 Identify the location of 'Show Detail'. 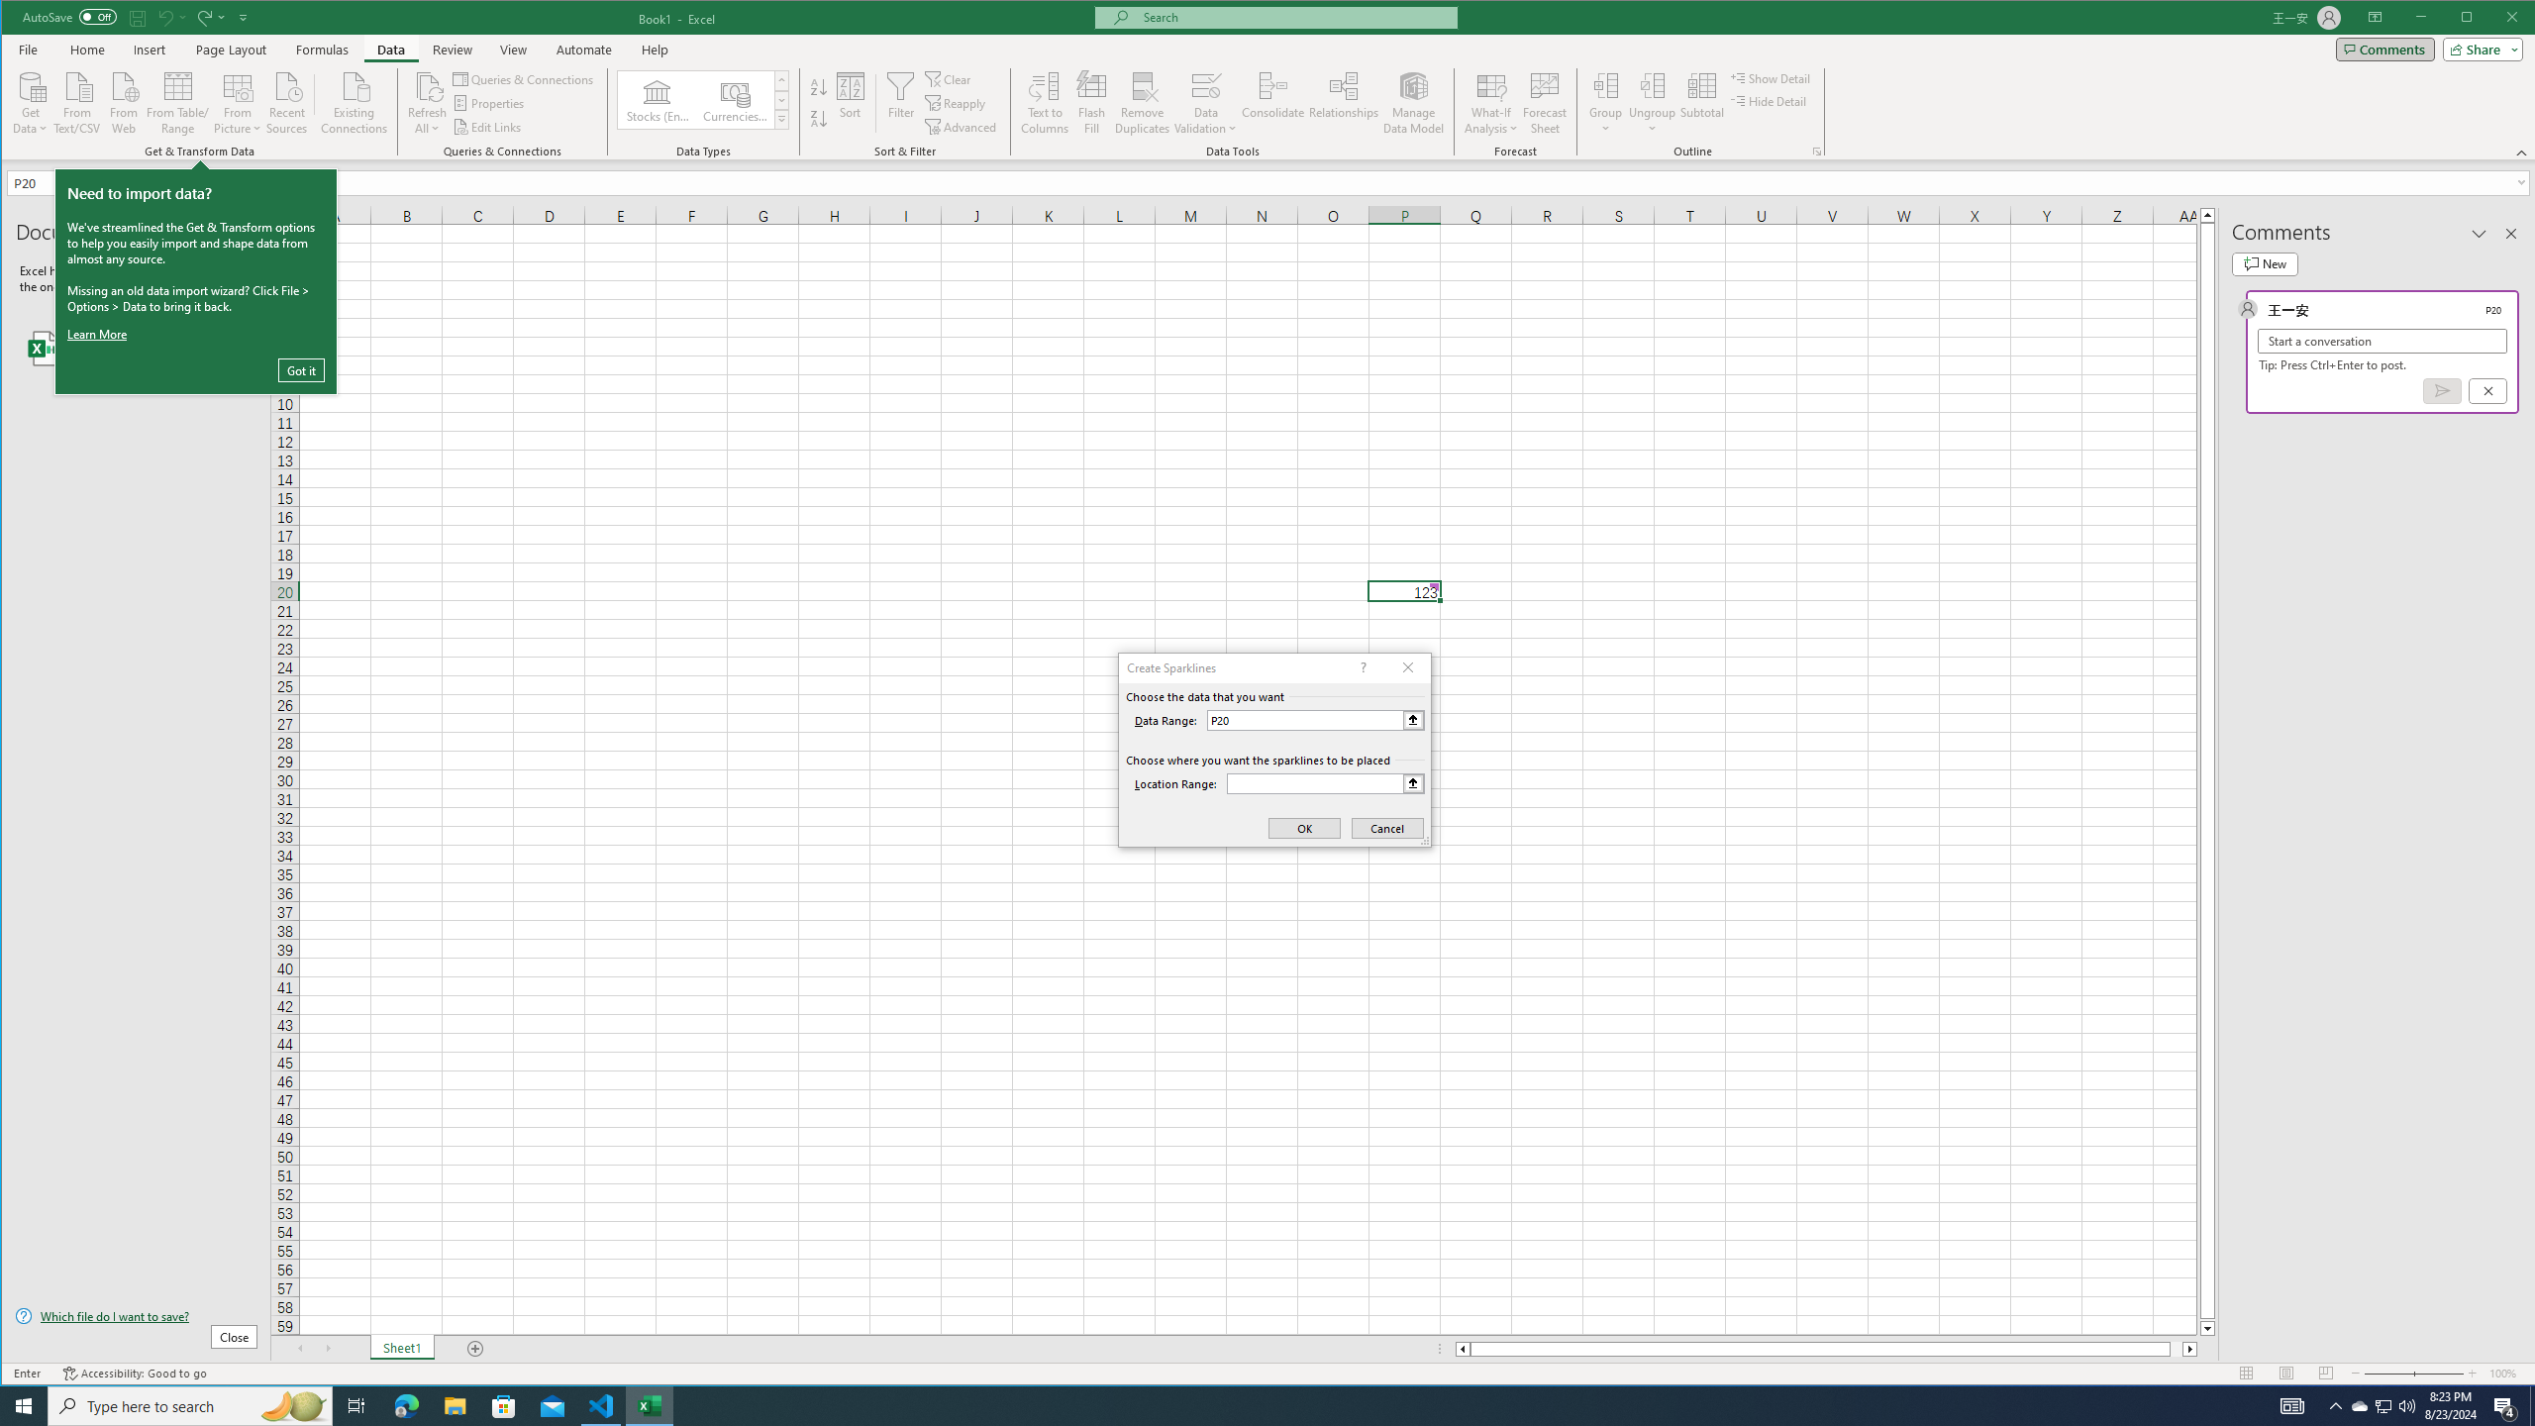
(1772, 77).